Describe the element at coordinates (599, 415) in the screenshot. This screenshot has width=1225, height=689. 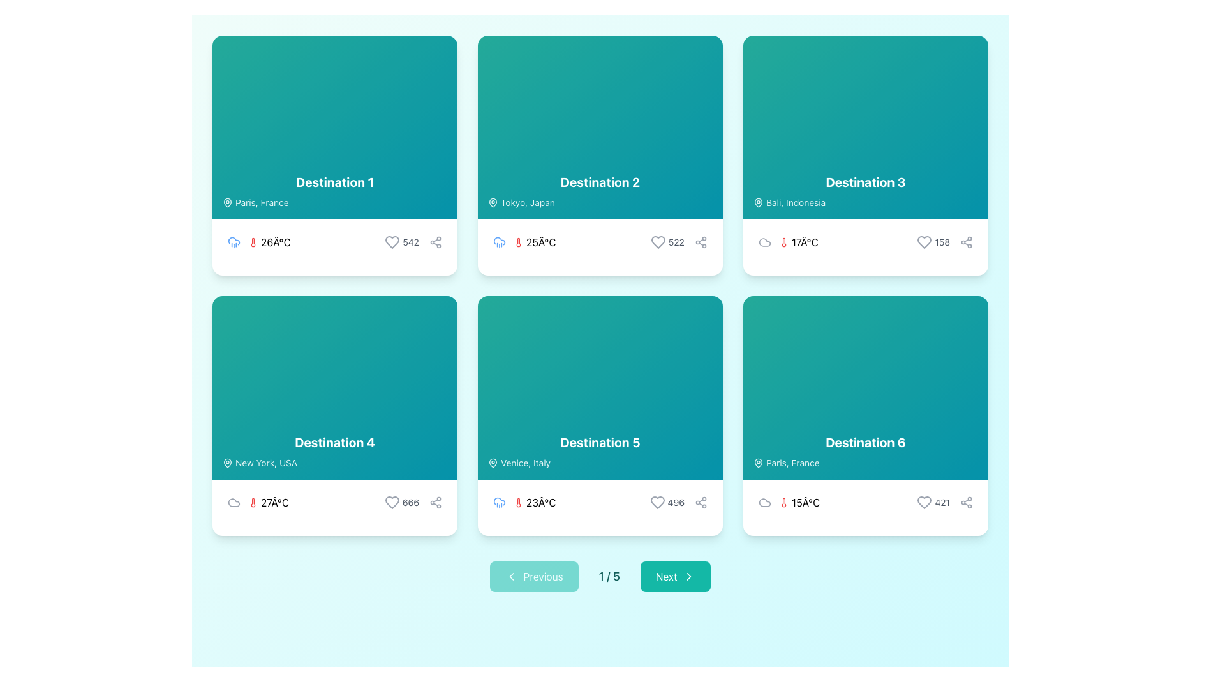
I see `the fifth destination card in the grid layout` at that location.